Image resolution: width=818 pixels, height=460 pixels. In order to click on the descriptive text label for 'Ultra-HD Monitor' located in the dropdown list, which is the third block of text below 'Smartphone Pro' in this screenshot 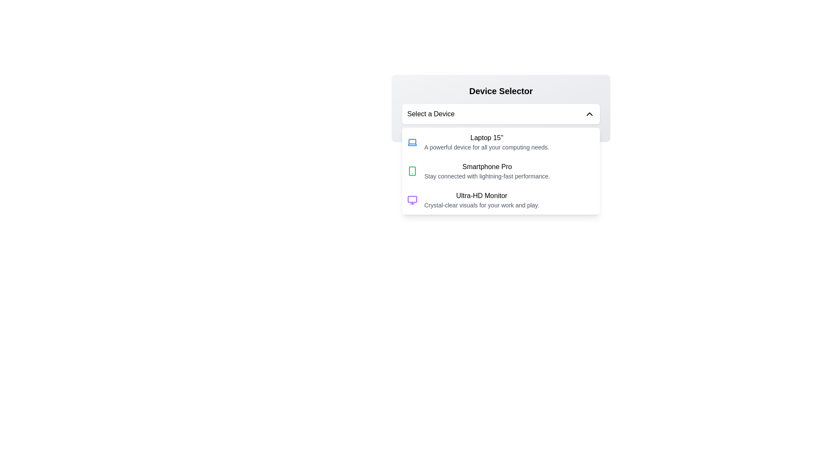, I will do `click(481, 205)`.